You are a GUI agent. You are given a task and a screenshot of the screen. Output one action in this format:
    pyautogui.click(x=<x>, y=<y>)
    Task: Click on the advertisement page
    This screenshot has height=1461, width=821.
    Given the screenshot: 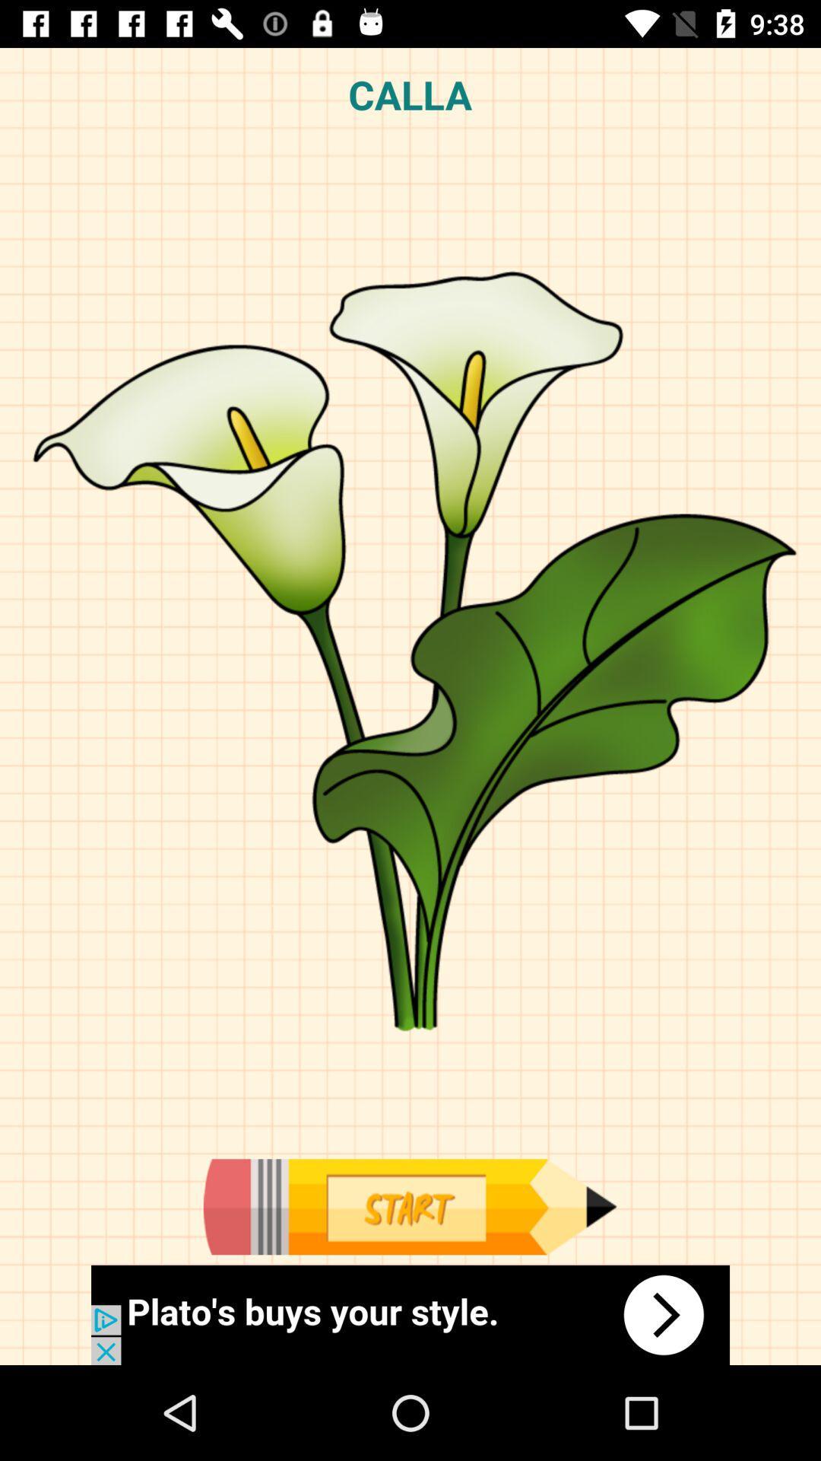 What is the action you would take?
    pyautogui.click(x=409, y=1206)
    